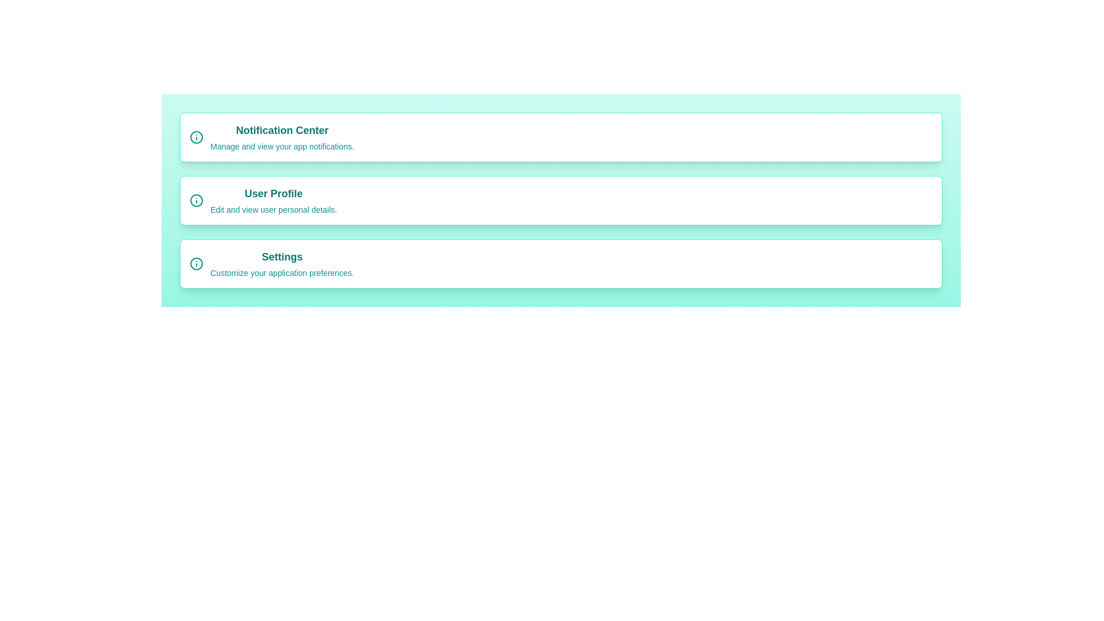 The height and width of the screenshot is (621, 1104). I want to click on the informational card about the 'User Profile' section, which is the second card in a vertical stack between 'Notification Center' and 'Settings', so click(561, 200).